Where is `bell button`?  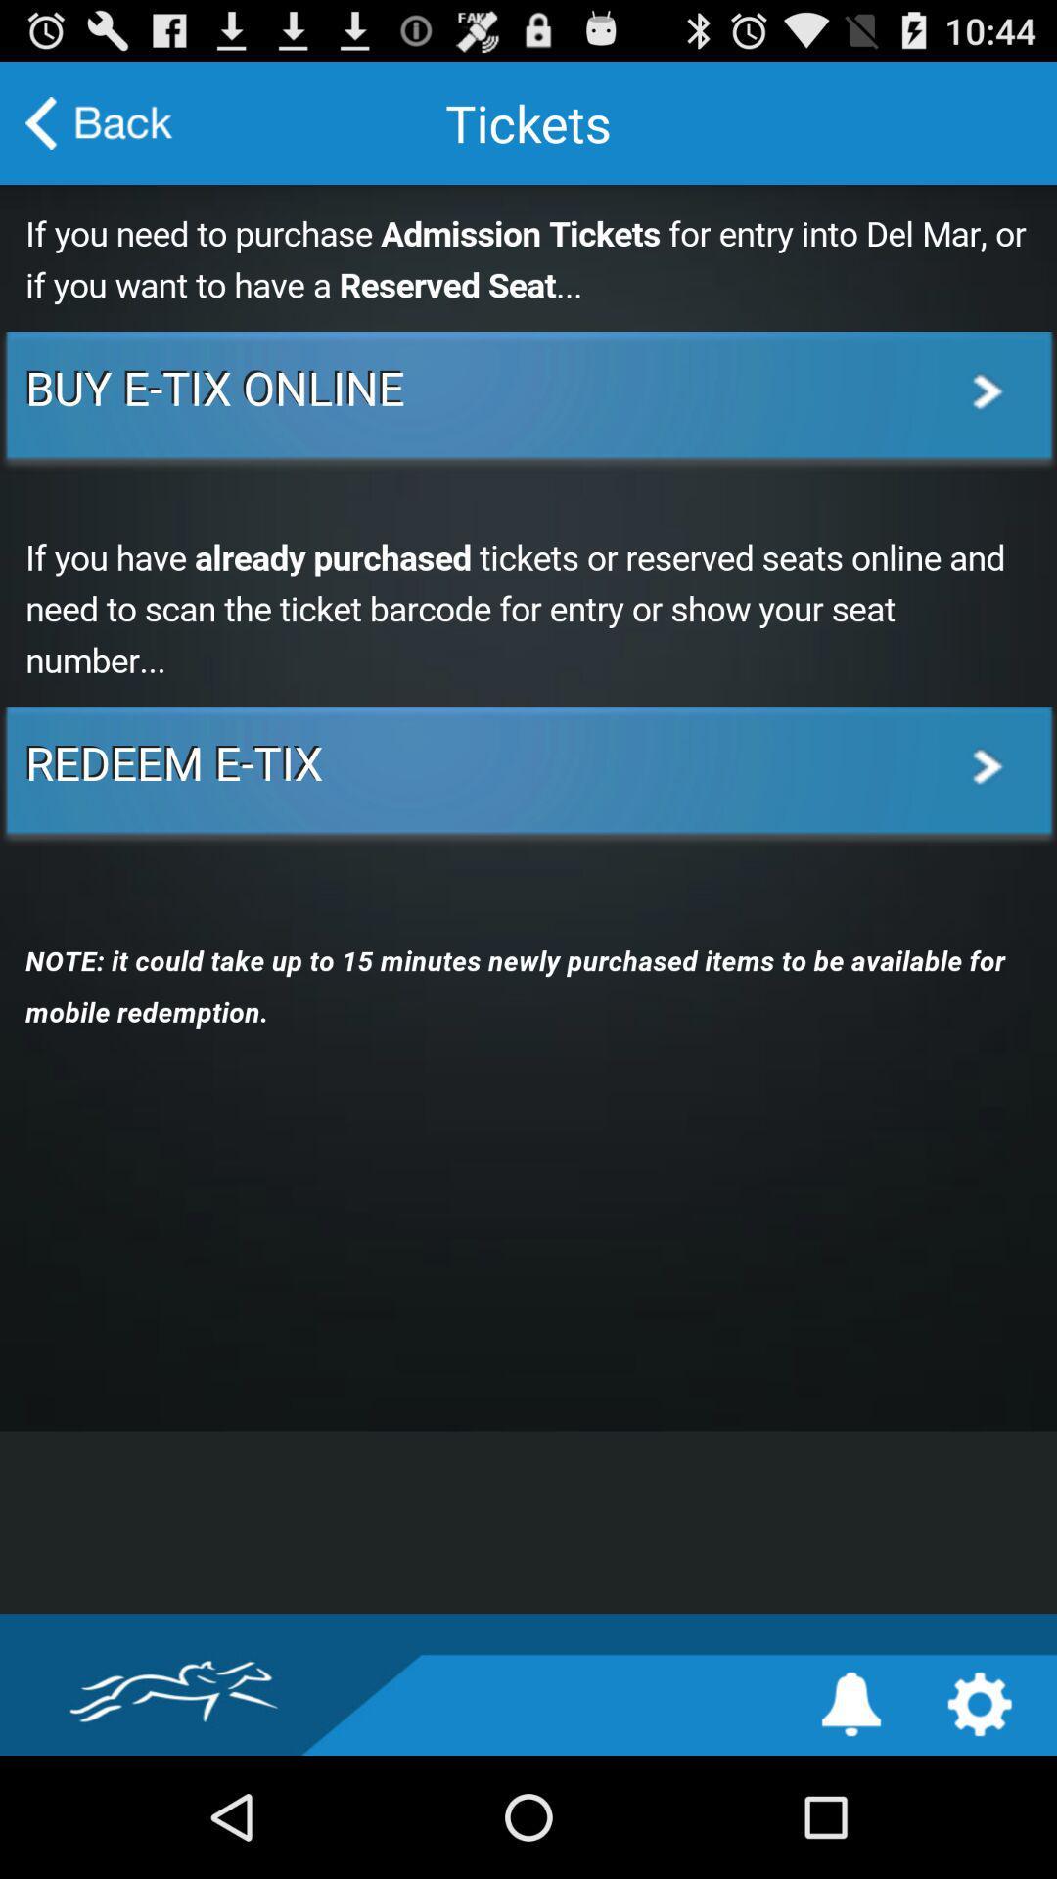
bell button is located at coordinates (850, 1703).